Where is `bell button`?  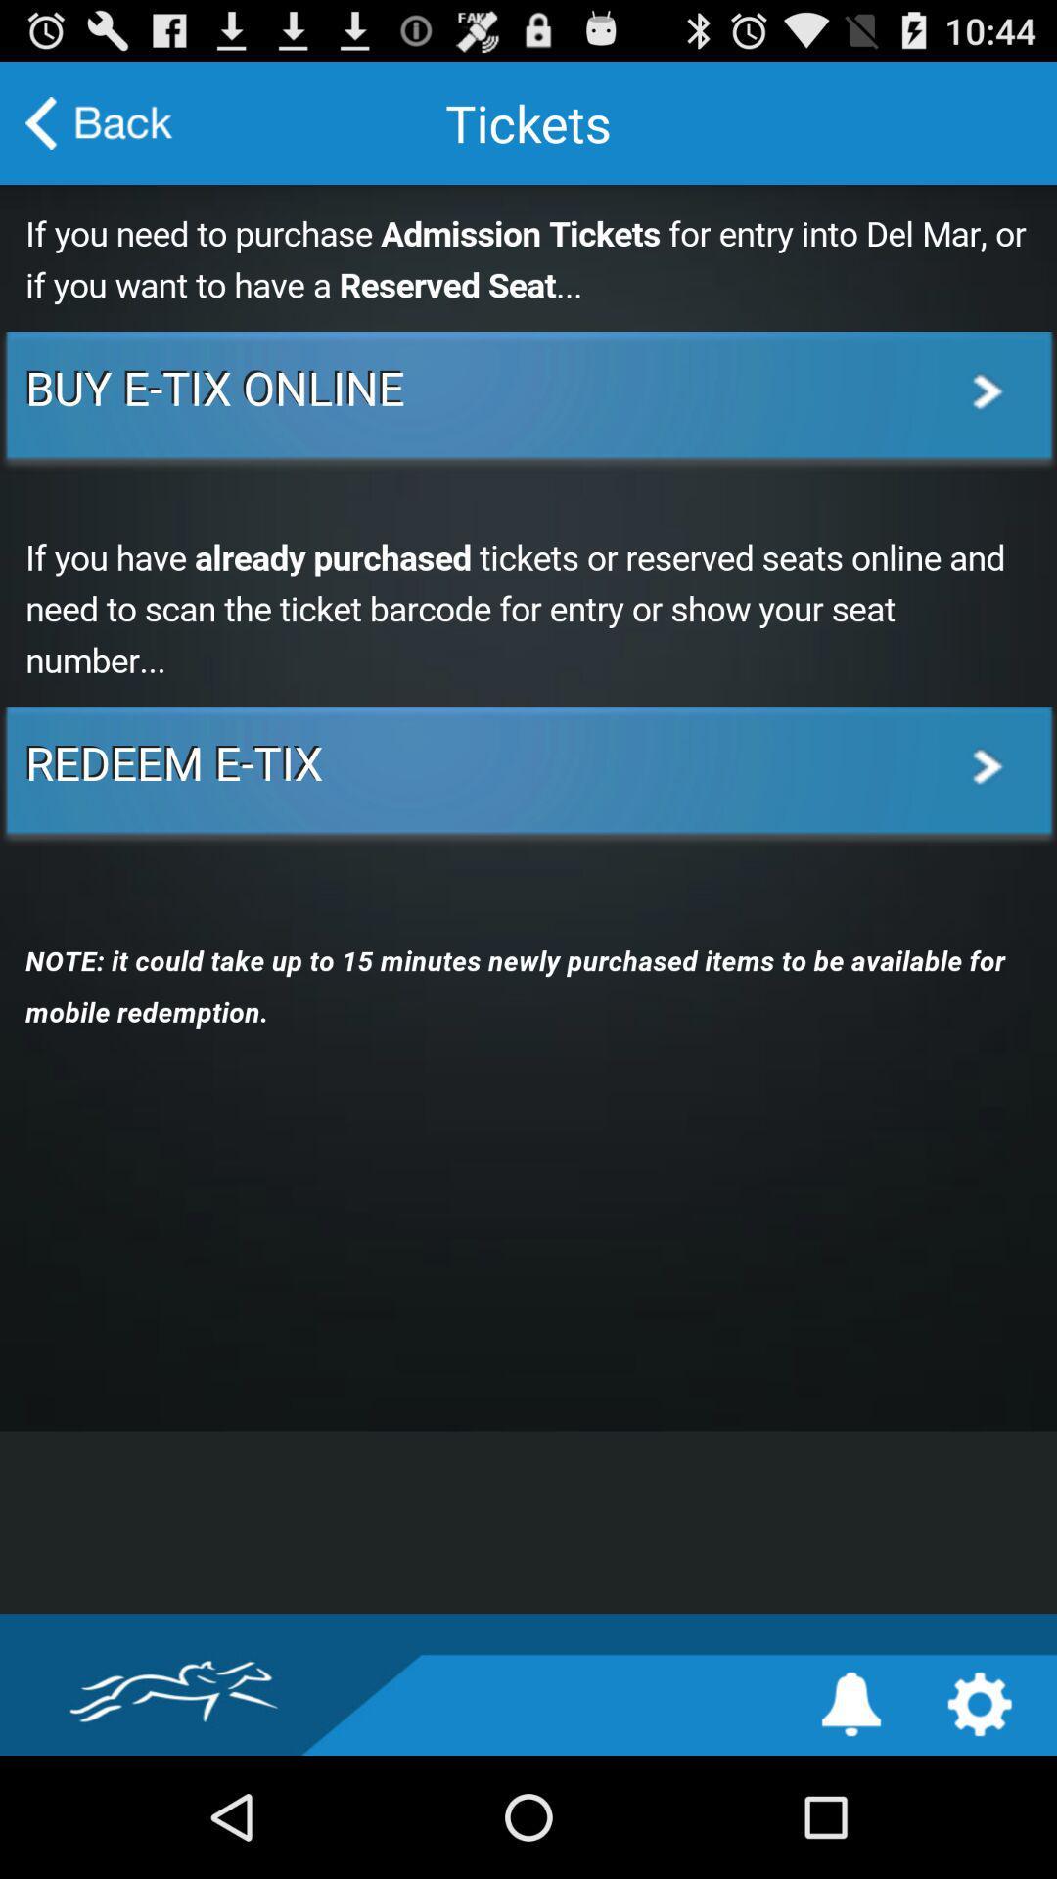
bell button is located at coordinates (850, 1703).